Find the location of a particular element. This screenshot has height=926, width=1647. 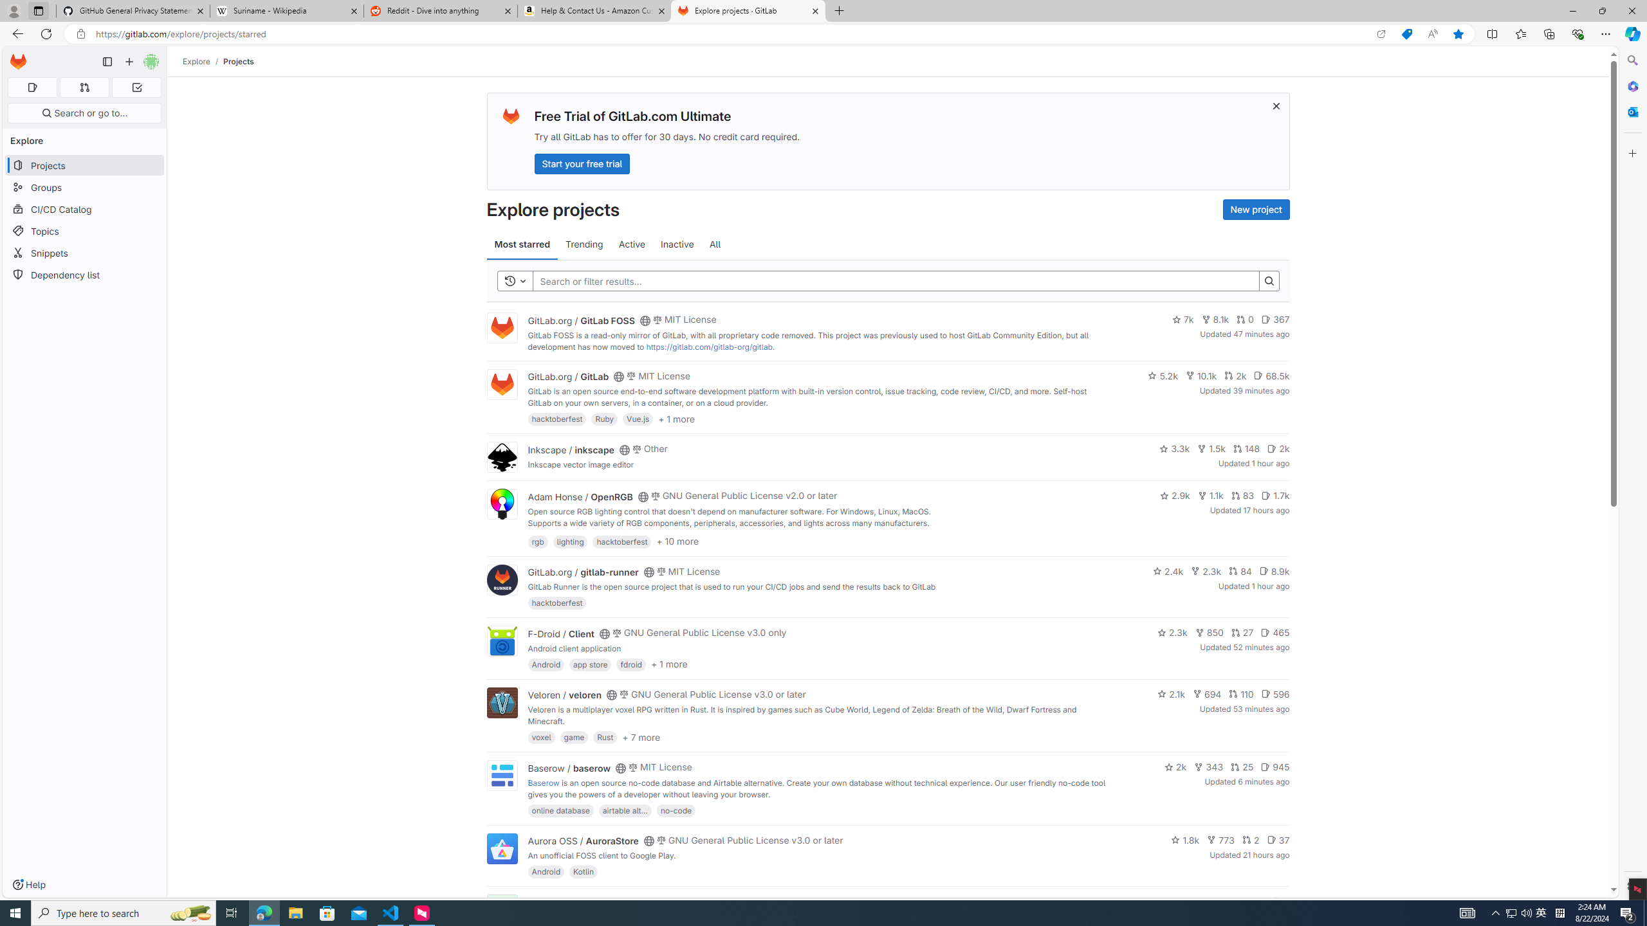

'1.1k' is located at coordinates (1210, 495).